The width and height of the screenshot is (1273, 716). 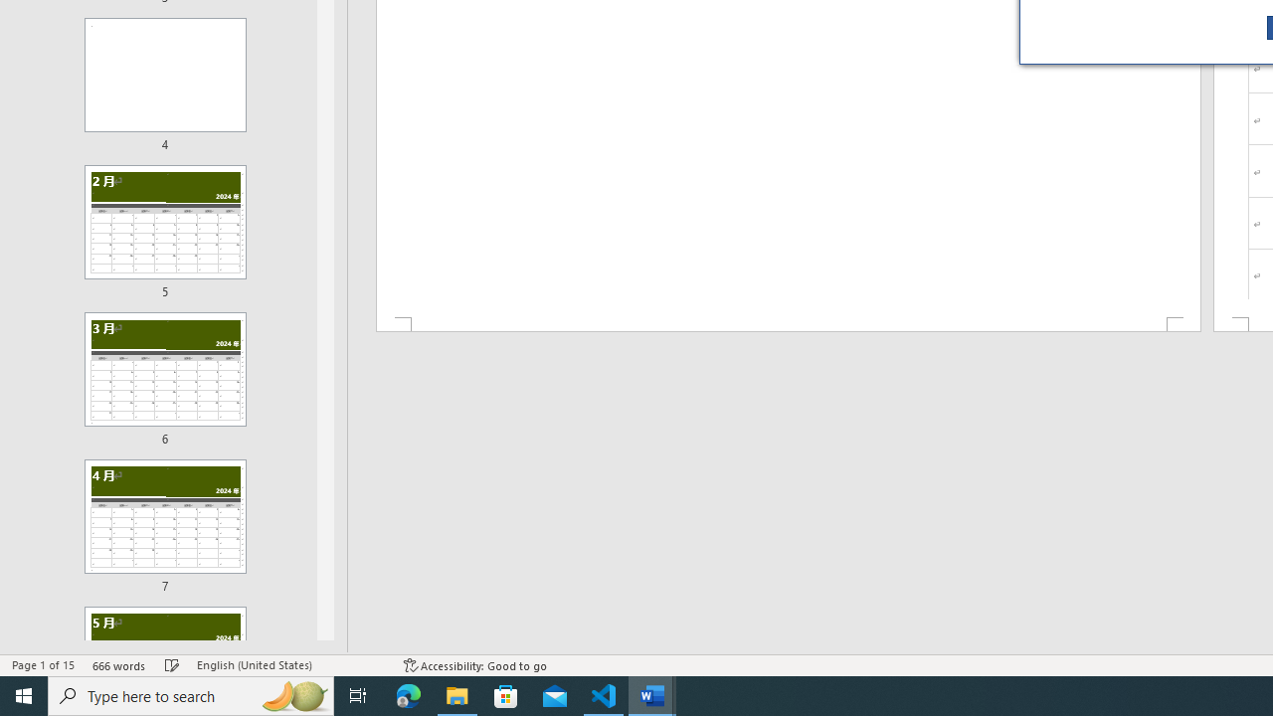 I want to click on 'Start', so click(x=24, y=694).